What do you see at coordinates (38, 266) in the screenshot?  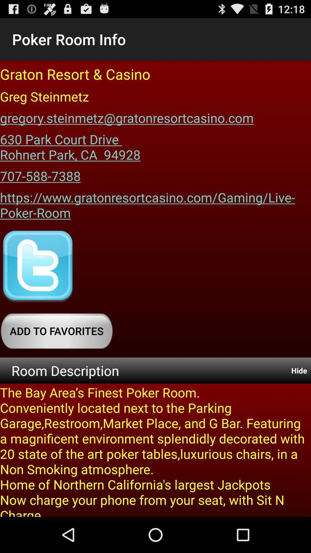 I see `item below the https www gratonresortcasino item` at bounding box center [38, 266].